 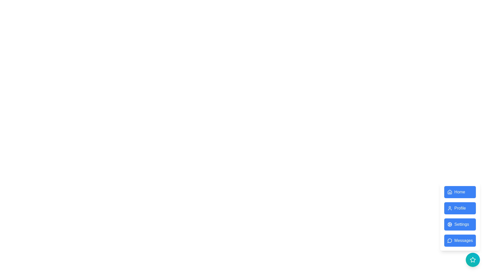 I want to click on the chat bubble icon located next to the 'Messages' text within the button that has a blue background and rounded corners, so click(x=450, y=240).